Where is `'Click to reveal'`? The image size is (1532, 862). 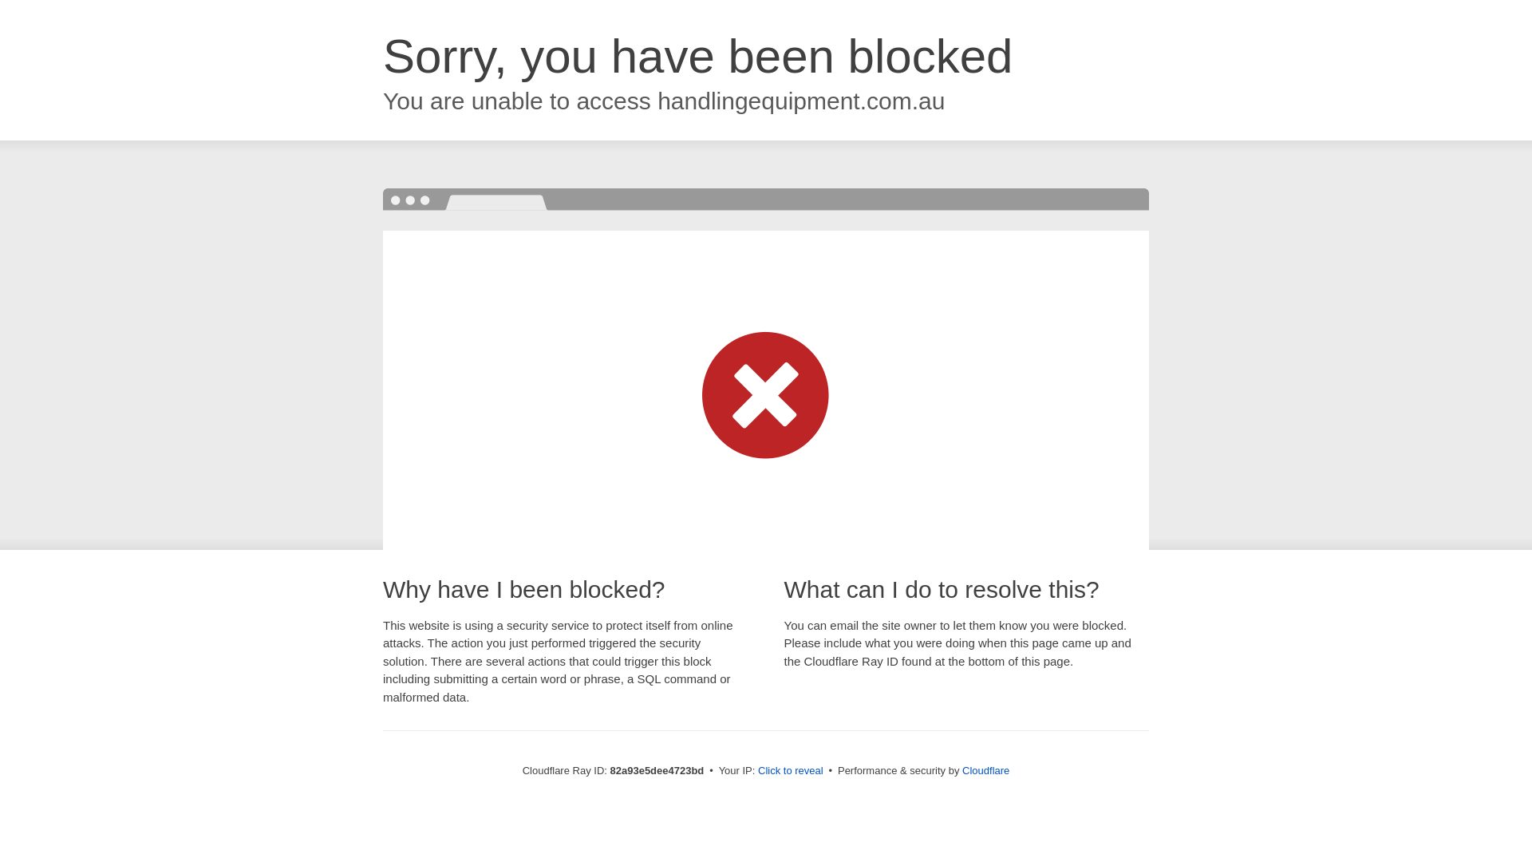
'Click to reveal' is located at coordinates (790, 769).